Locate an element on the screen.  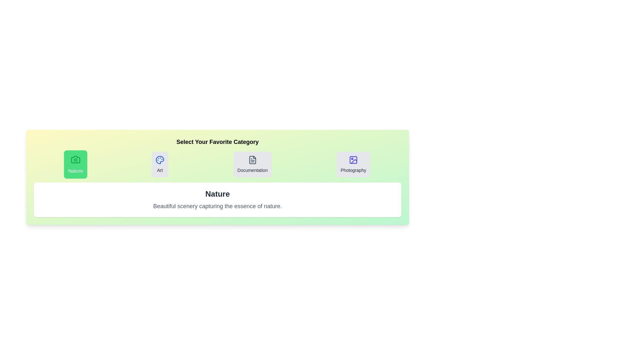
the tab for Art to observe the hover effect is located at coordinates (159, 164).